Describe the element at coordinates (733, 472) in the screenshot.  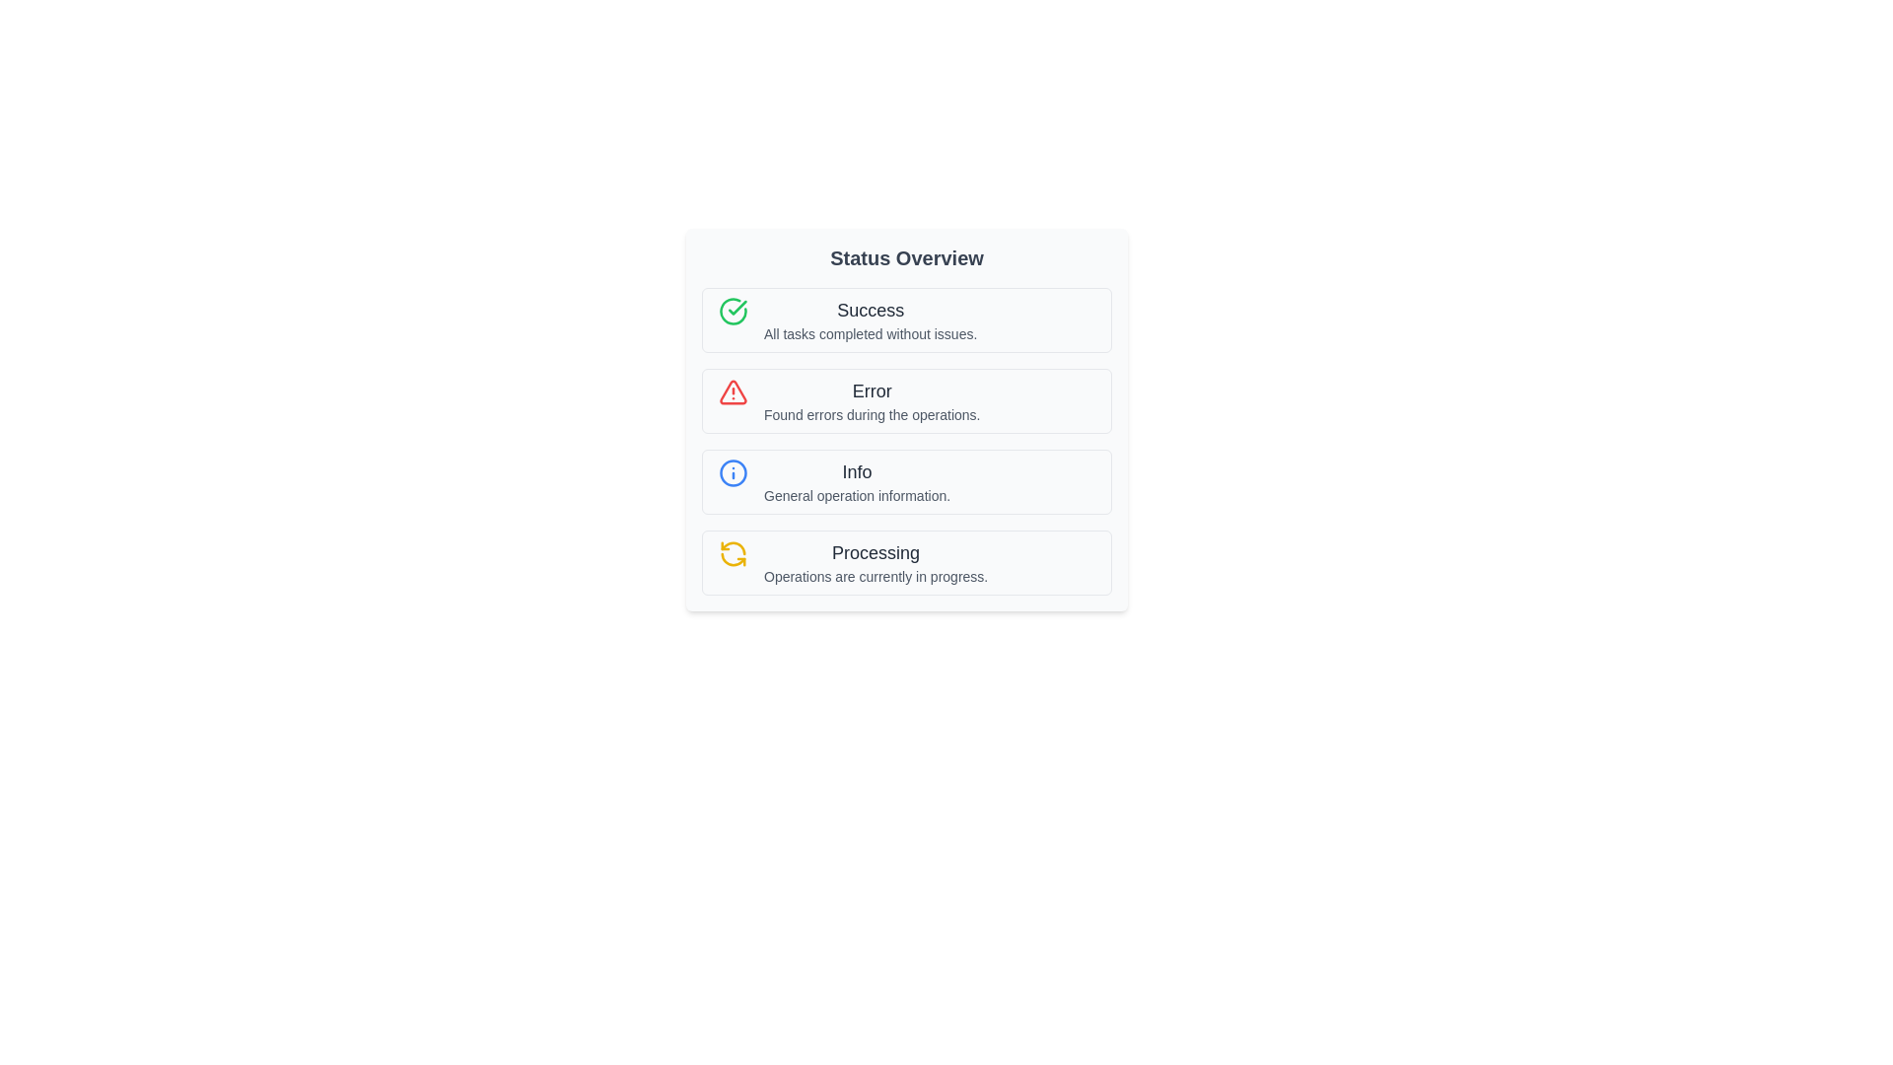
I see `the decorative SVG Circle that indicates information-related content within the 'Info' status icon in the 'Status Overview' panel` at that location.